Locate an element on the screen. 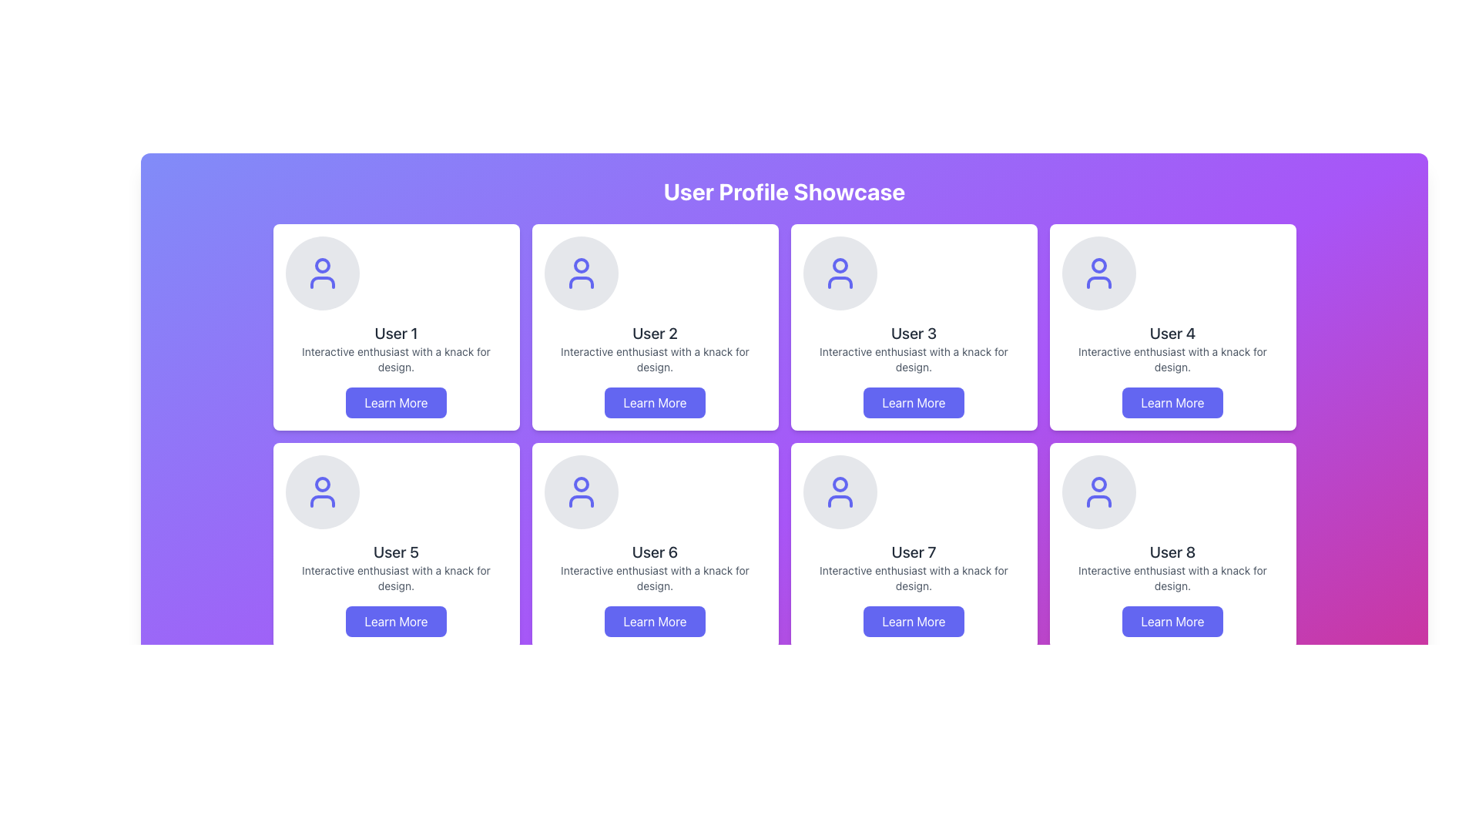  the button at the bottom of the user card for 'User 6' is located at coordinates (655, 620).